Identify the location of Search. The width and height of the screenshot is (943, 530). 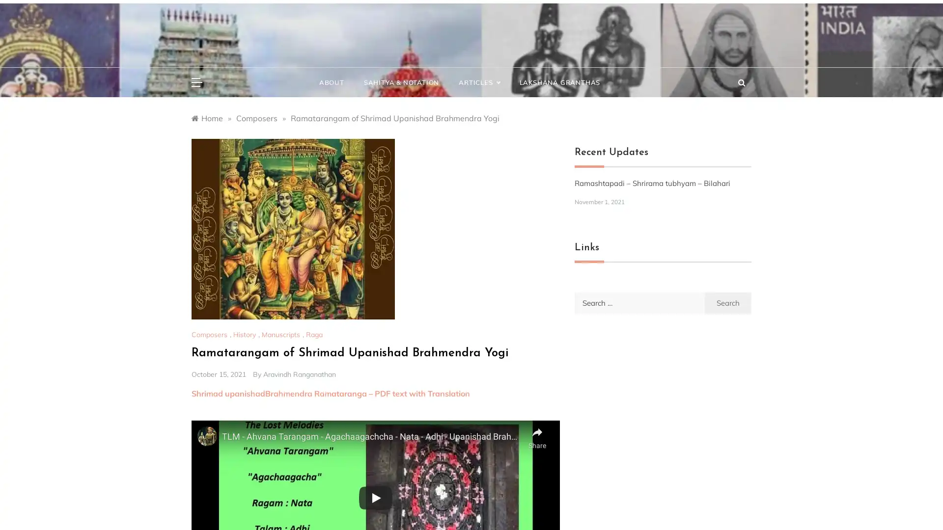
(728, 302).